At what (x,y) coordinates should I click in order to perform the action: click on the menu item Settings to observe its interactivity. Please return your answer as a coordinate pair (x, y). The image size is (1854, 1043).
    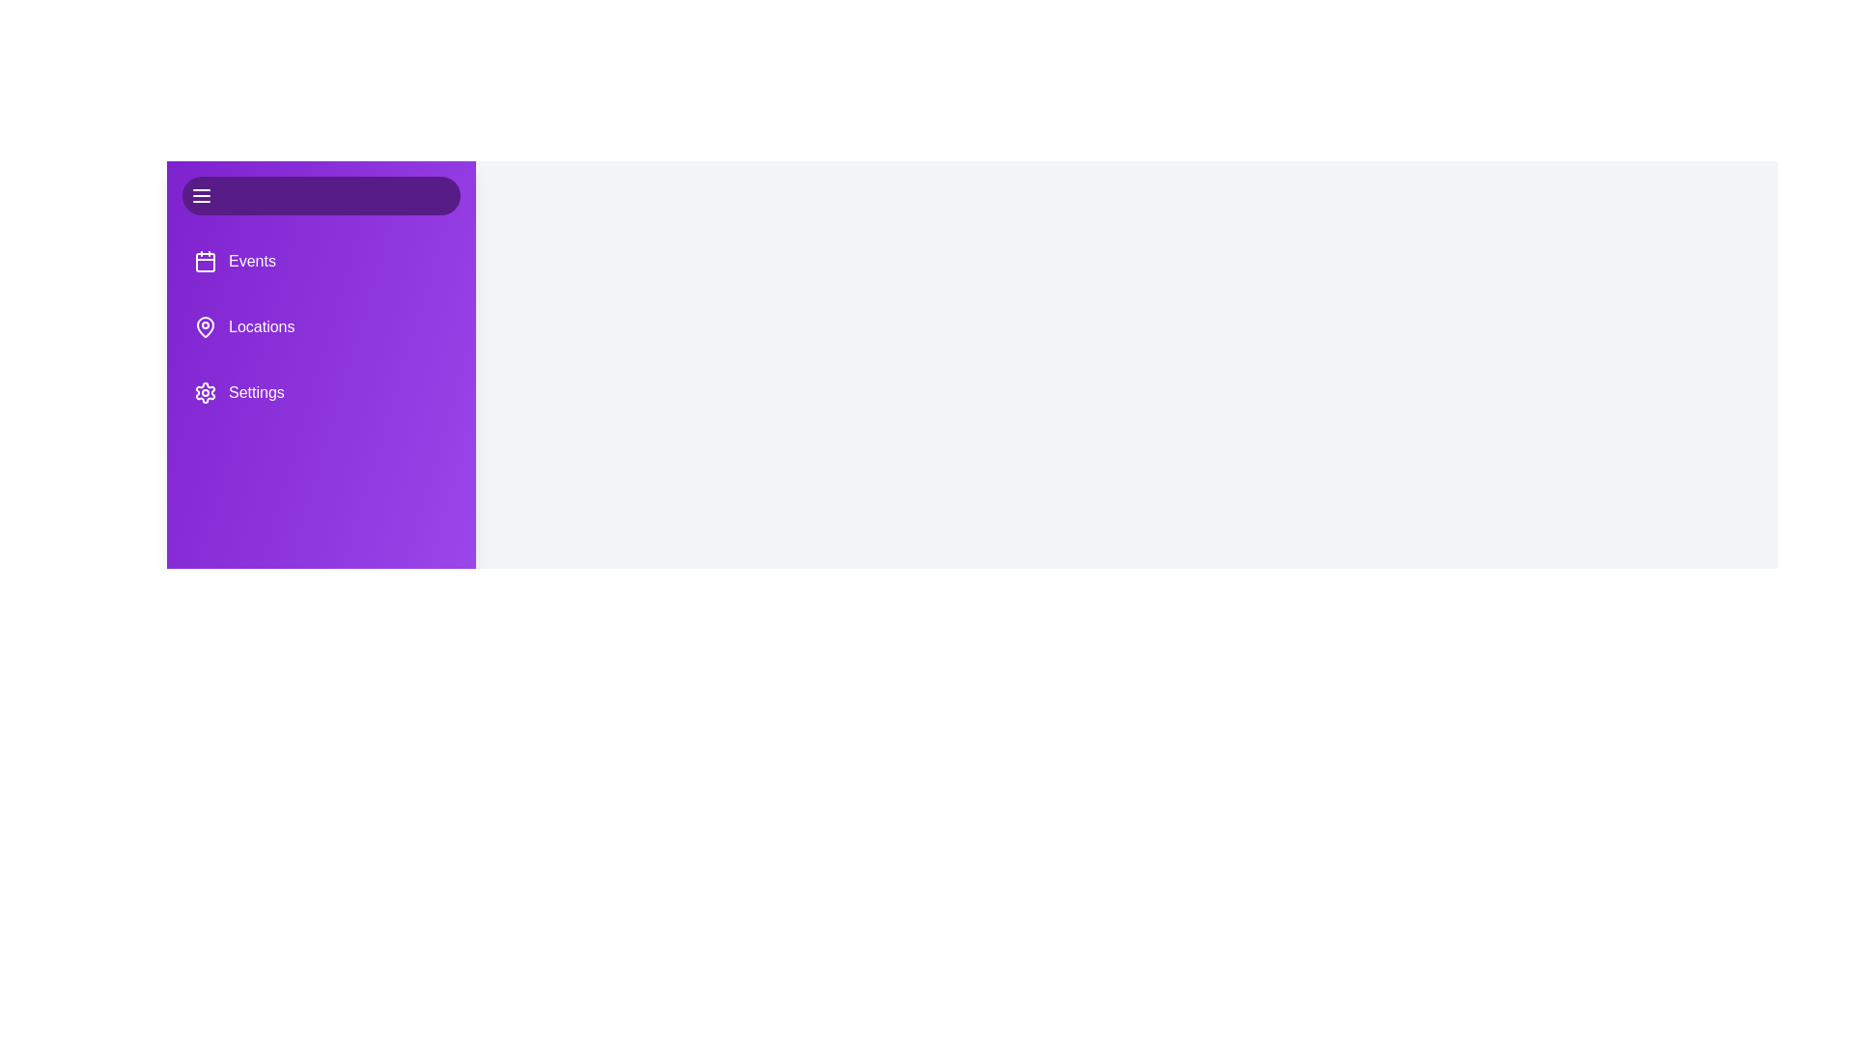
    Looking at the image, I should click on (321, 392).